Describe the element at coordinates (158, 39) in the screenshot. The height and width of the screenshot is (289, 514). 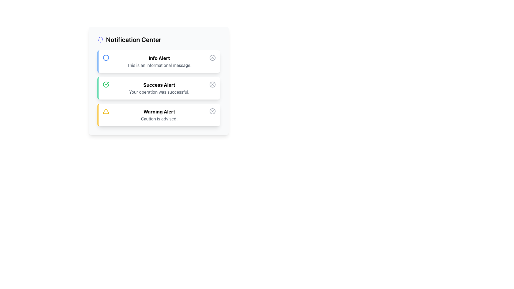
I see `the Label header with icon that serves as a title for the notification section, positioned at the top of the column` at that location.